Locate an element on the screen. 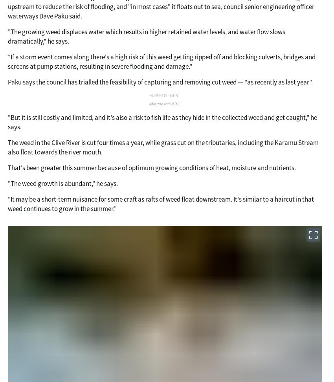 The image size is (334, 382). '"But it is still costly and limited, and it's also a risk to fish life as they hide in the collected weed and get caught," he says.' is located at coordinates (162, 121).